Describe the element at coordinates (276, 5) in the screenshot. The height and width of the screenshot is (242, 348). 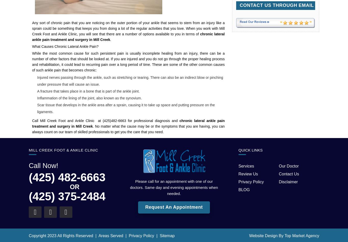
I see `'Contact Us Through Email'` at that location.